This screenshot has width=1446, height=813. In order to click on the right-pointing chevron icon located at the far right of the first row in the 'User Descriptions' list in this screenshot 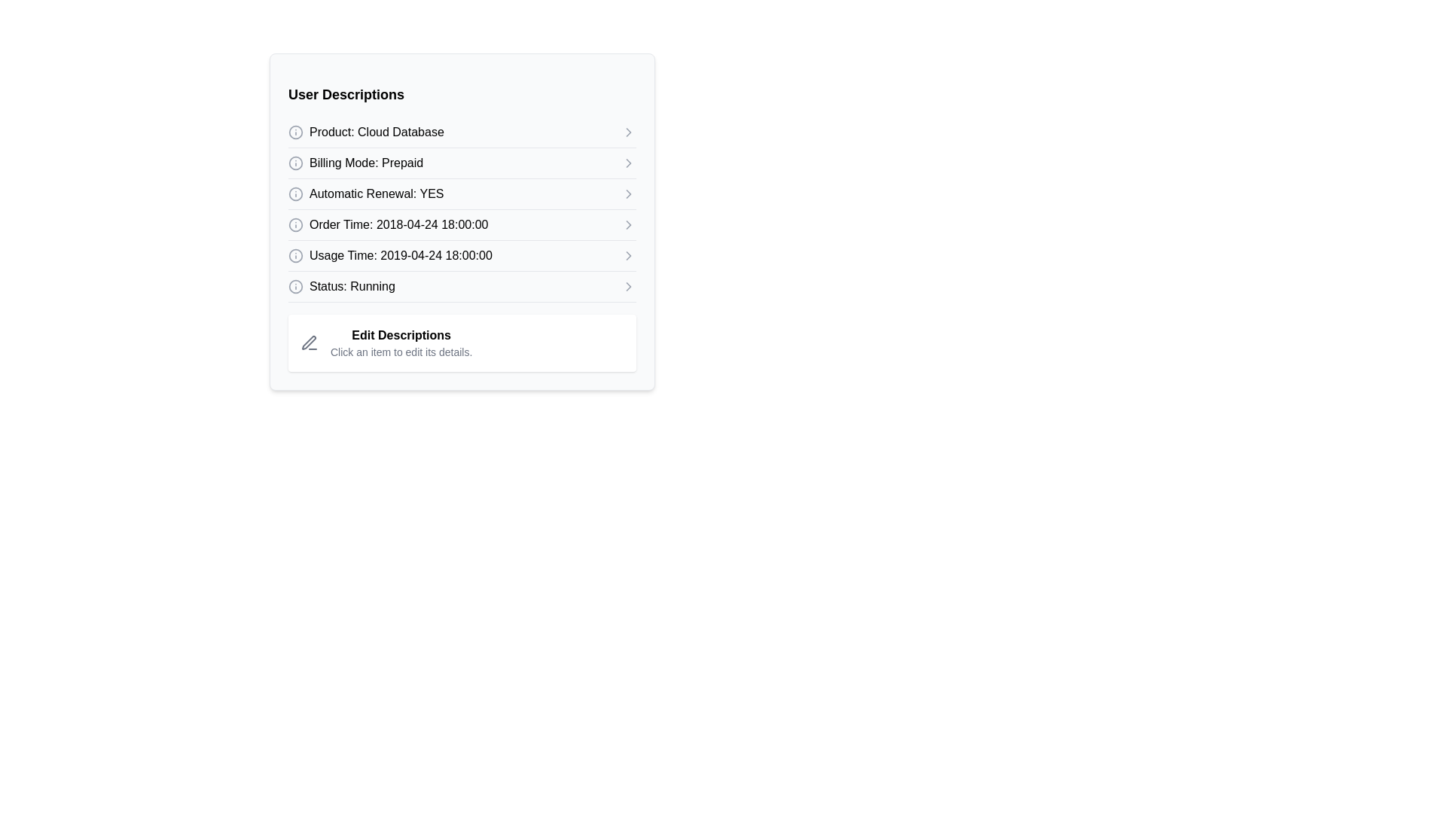, I will do `click(629, 132)`.